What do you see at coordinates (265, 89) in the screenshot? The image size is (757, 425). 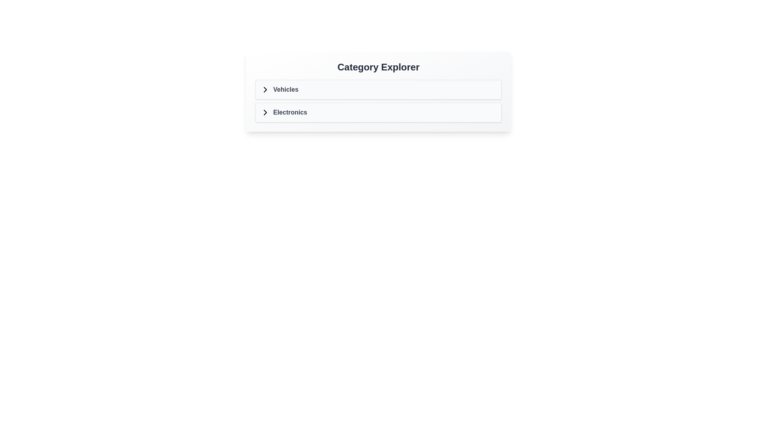 I see `the right-pointing chevron SVG icon located before the 'Vehicles' text label in the 'Category Explorer' list` at bounding box center [265, 89].